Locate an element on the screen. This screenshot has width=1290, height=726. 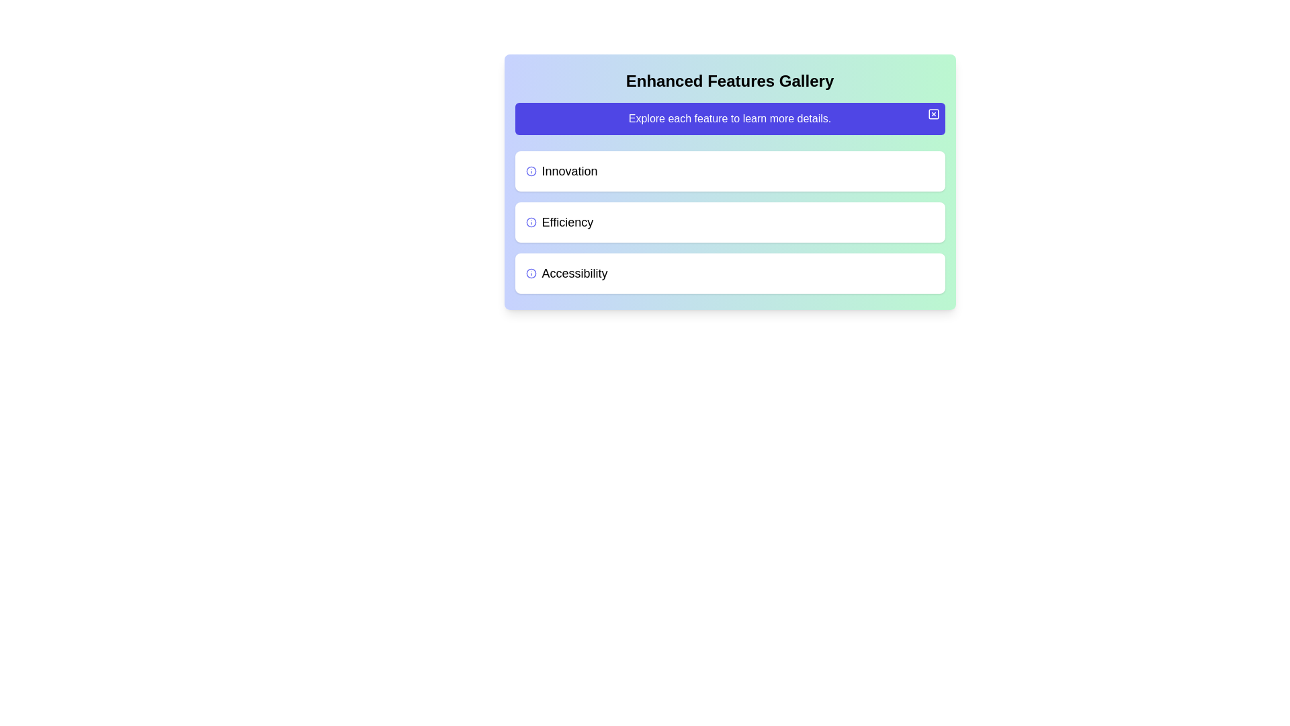
the decorative SVG rectangle located in the top-right corner of the panel, which is part of a composite button icon is located at coordinates (933, 113).